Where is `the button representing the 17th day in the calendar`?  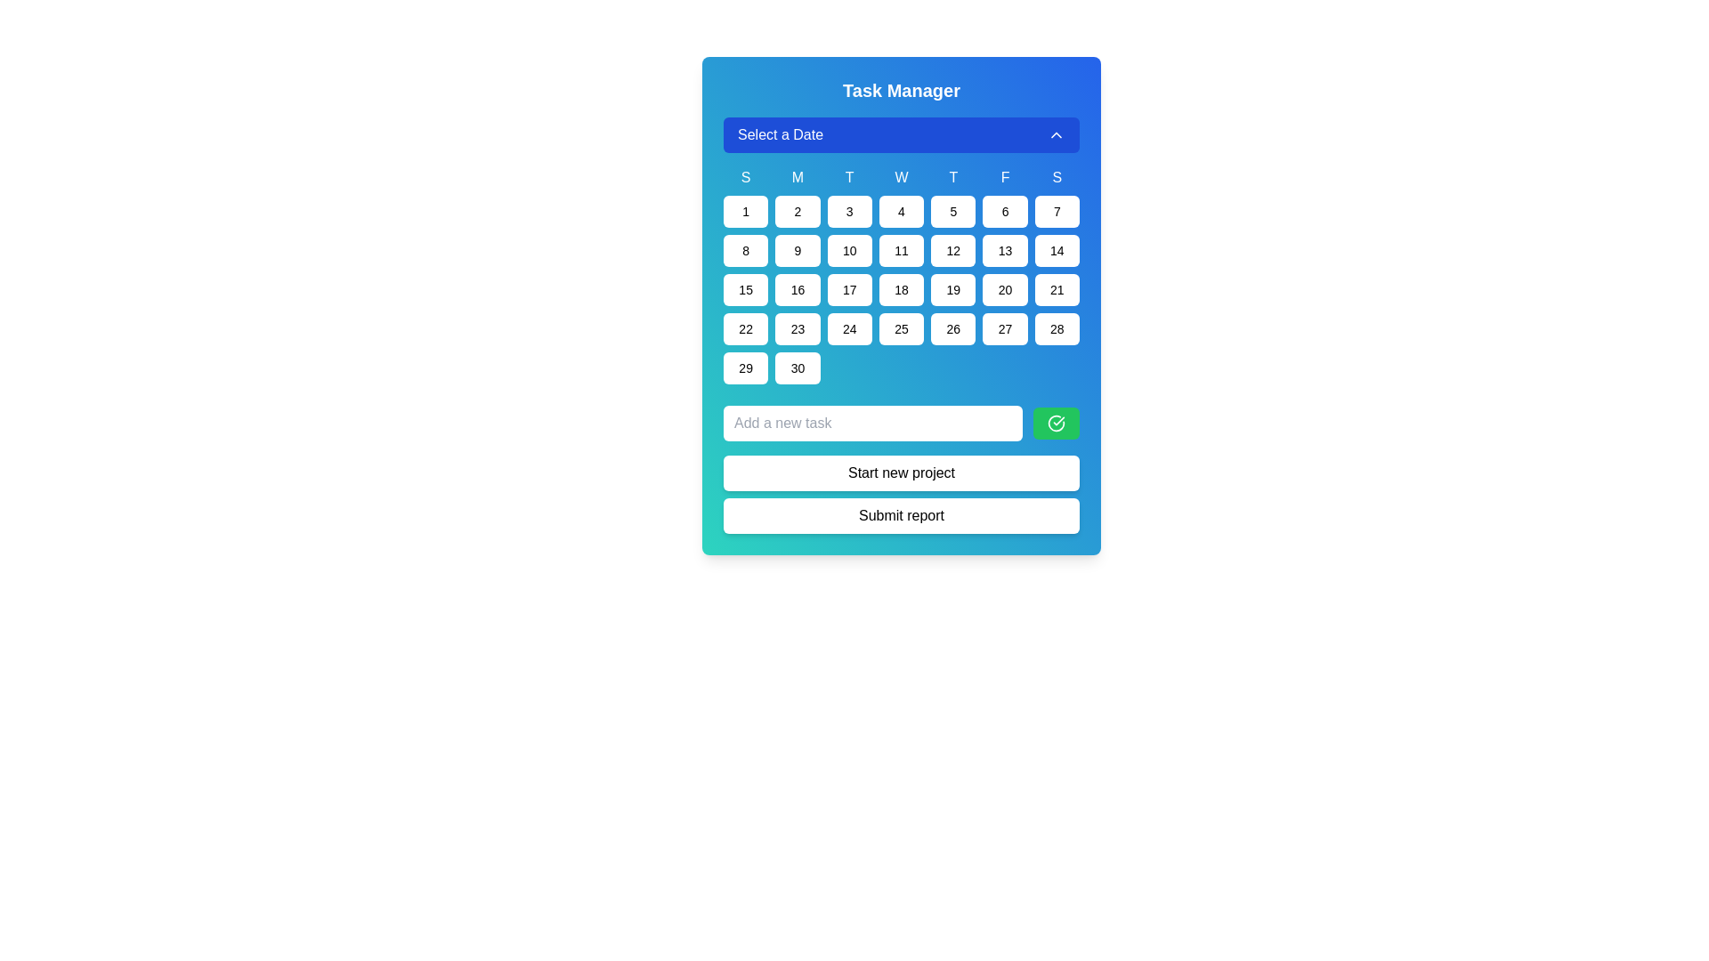 the button representing the 17th day in the calendar is located at coordinates (848, 289).